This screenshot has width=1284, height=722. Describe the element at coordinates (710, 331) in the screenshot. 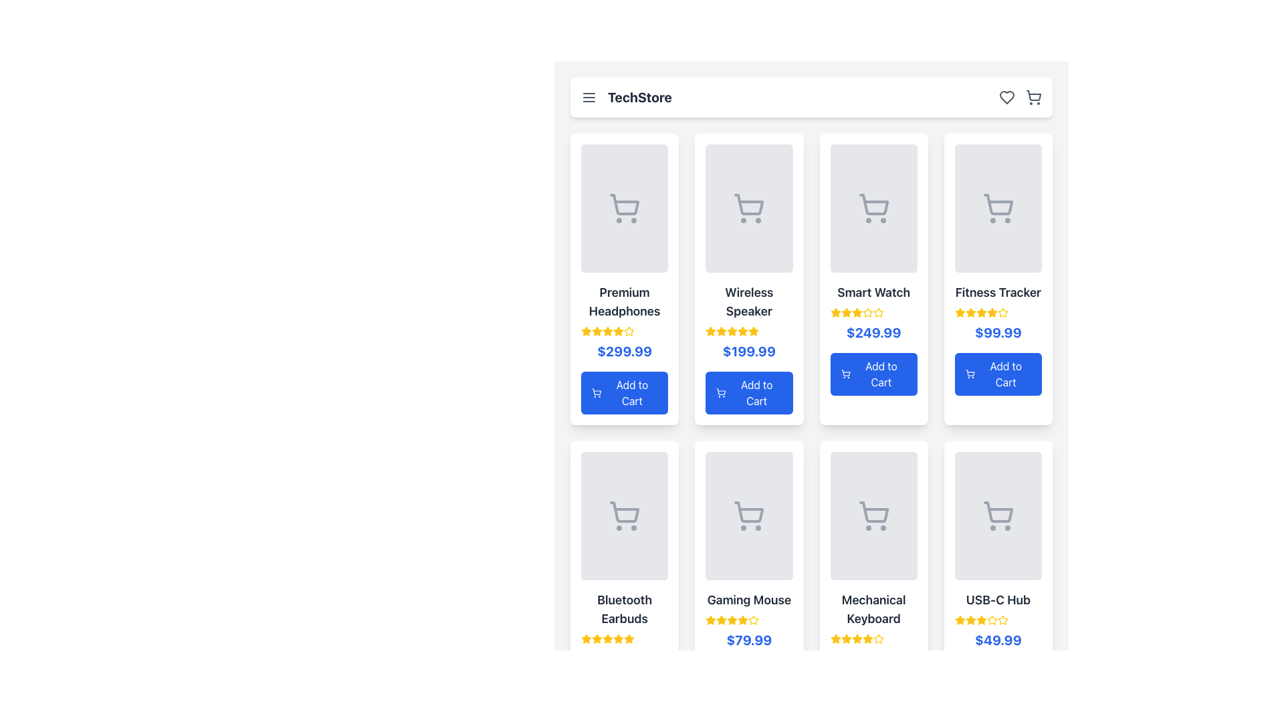

I see `the third star icon in the five-star rating system for the Wireless Speaker product, located beneath the product card` at that location.